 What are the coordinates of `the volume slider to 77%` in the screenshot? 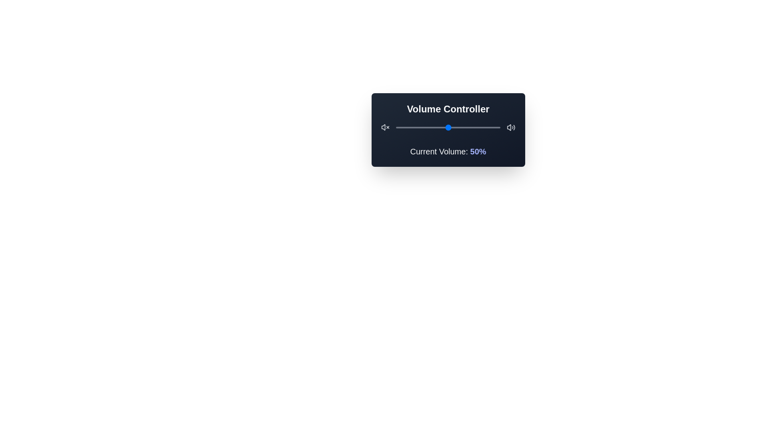 It's located at (476, 127).